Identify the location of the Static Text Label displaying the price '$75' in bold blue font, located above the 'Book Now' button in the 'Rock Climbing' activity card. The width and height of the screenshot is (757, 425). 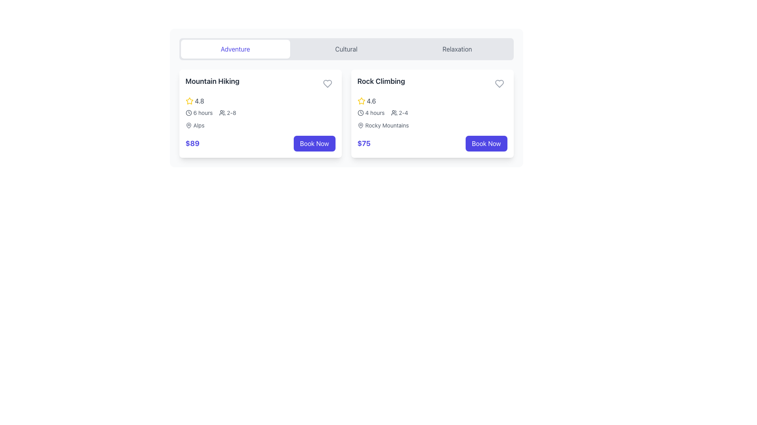
(364, 144).